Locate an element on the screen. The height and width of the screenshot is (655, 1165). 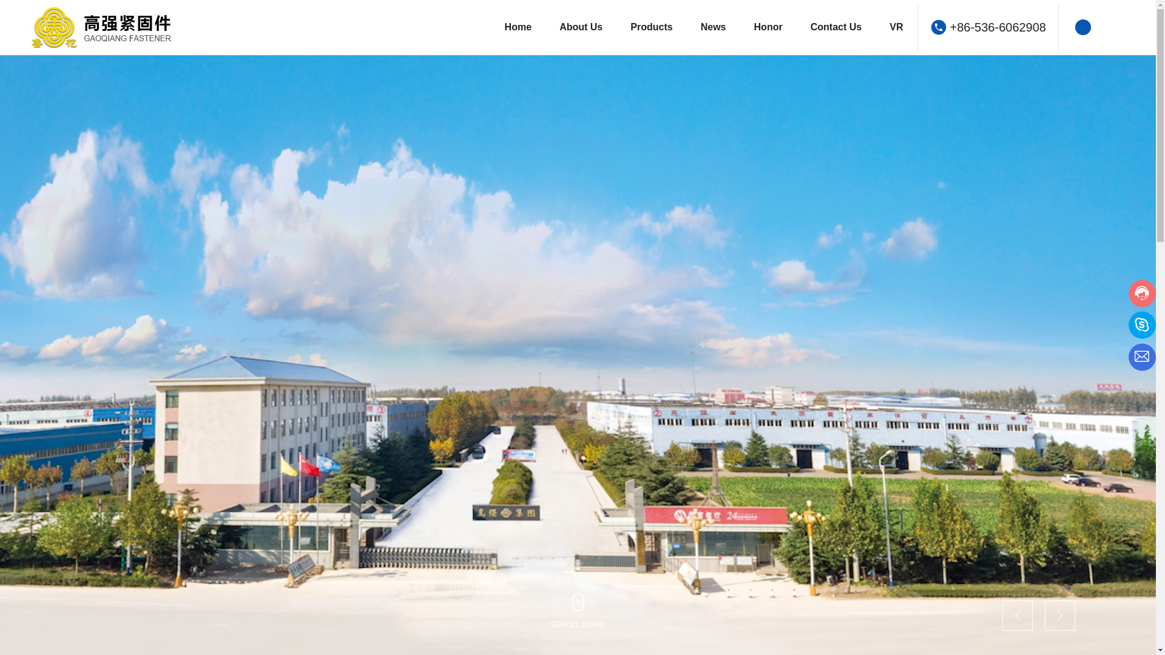
'Products' is located at coordinates (650, 27).